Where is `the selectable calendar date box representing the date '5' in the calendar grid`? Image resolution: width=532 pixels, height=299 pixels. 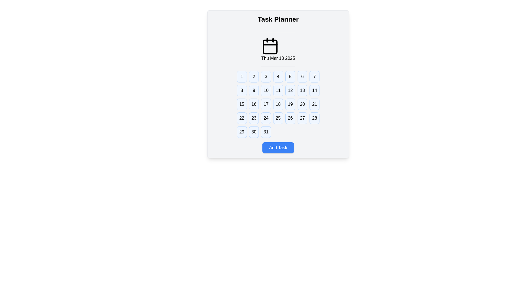
the selectable calendar date box representing the date '5' in the calendar grid is located at coordinates (290, 77).